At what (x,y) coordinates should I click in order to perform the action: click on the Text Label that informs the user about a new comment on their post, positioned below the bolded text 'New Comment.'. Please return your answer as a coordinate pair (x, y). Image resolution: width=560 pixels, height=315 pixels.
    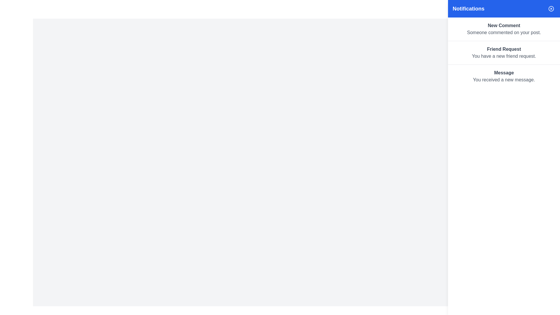
    Looking at the image, I should click on (504, 32).